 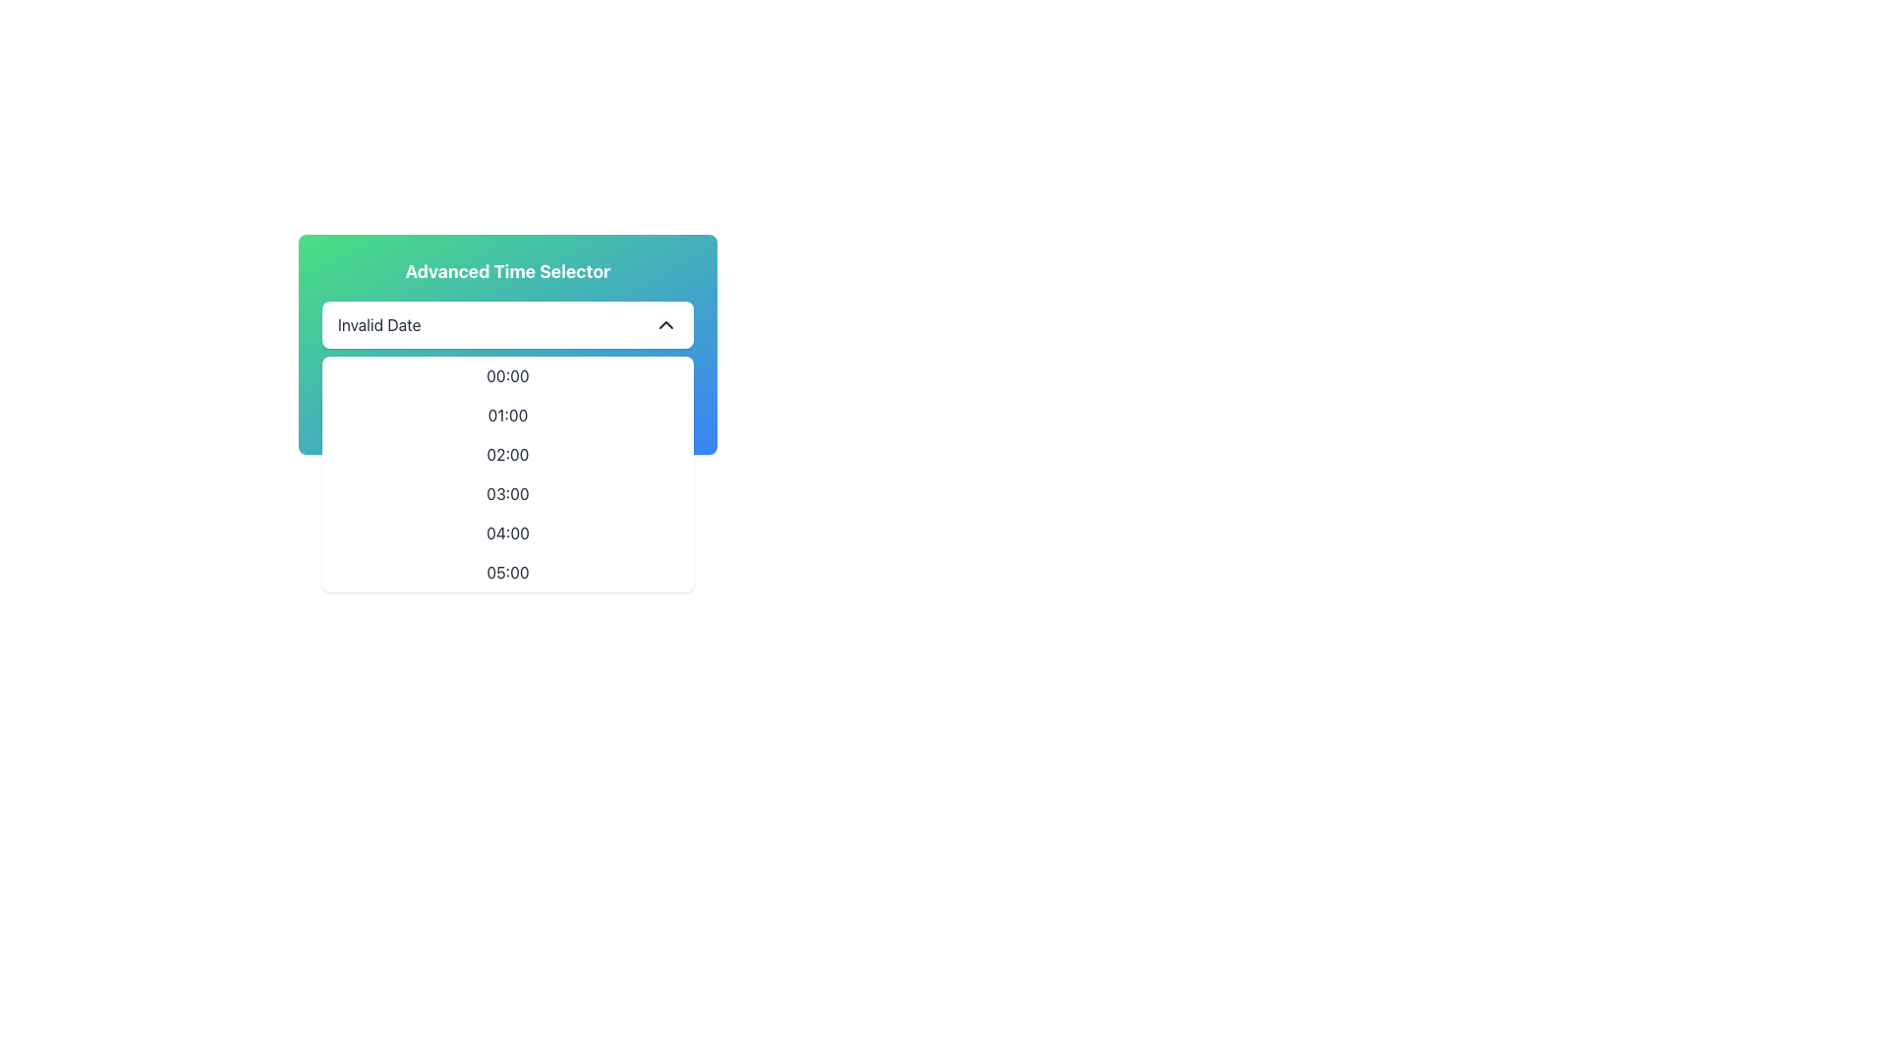 What do you see at coordinates (508, 434) in the screenshot?
I see `the time option in the dropdown menu located beneath the 'Invalid Date' input field in the 'Advanced Time Selector' modal dialog` at bounding box center [508, 434].